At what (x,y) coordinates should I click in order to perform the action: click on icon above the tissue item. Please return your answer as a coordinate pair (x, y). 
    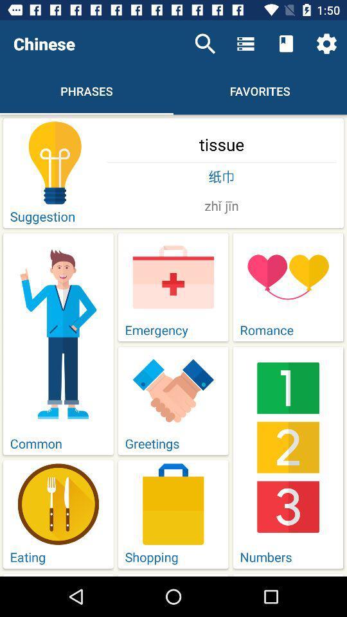
    Looking at the image, I should click on (326, 44).